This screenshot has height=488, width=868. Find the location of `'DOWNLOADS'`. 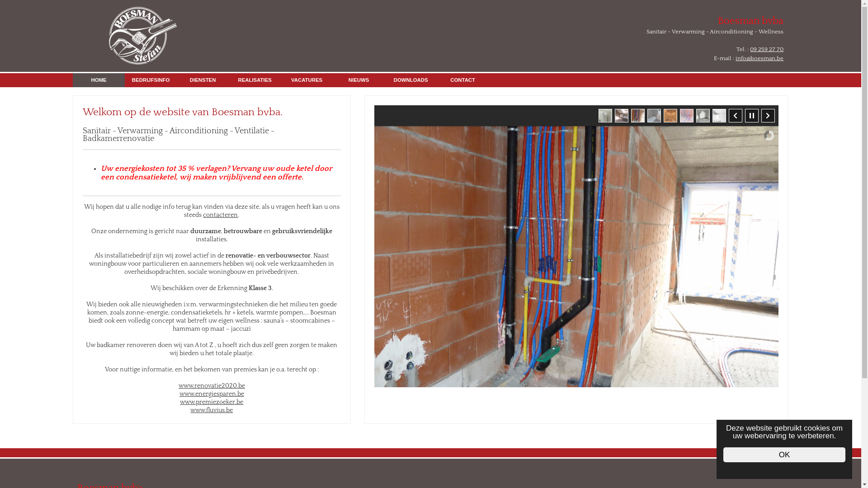

'DOWNLOADS' is located at coordinates (410, 80).